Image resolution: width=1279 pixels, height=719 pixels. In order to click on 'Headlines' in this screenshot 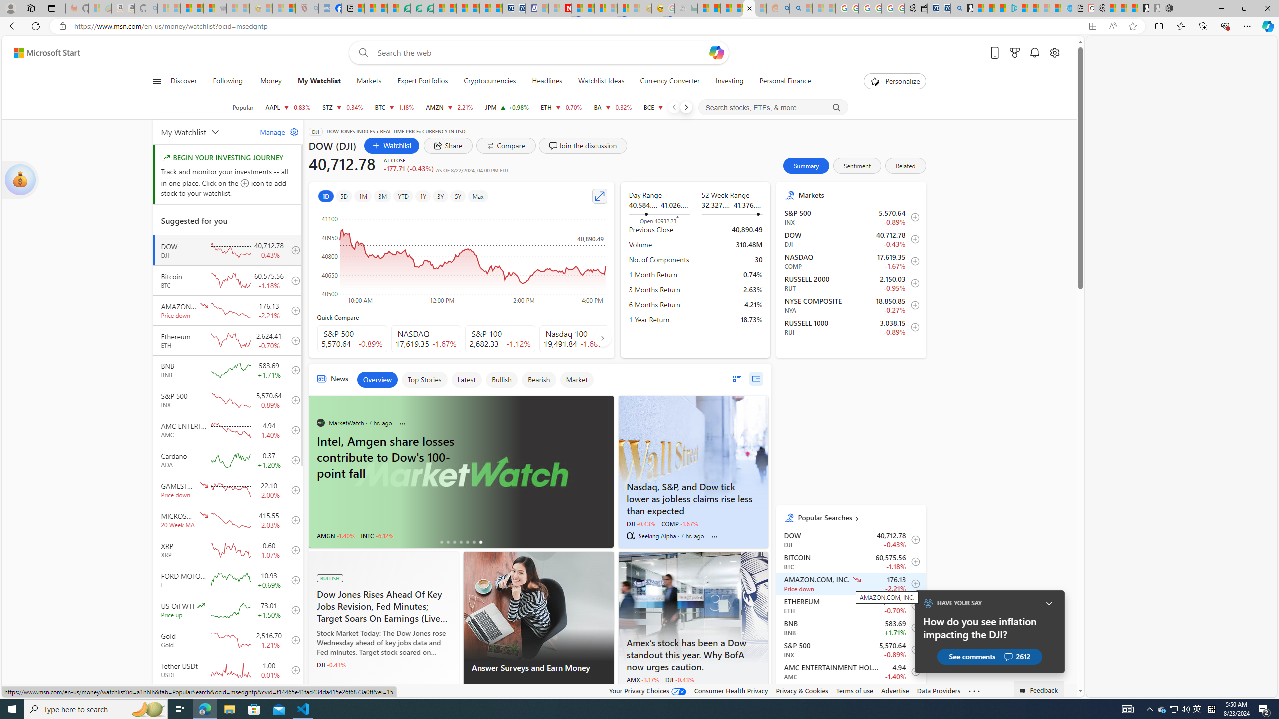, I will do `click(546, 81)`.